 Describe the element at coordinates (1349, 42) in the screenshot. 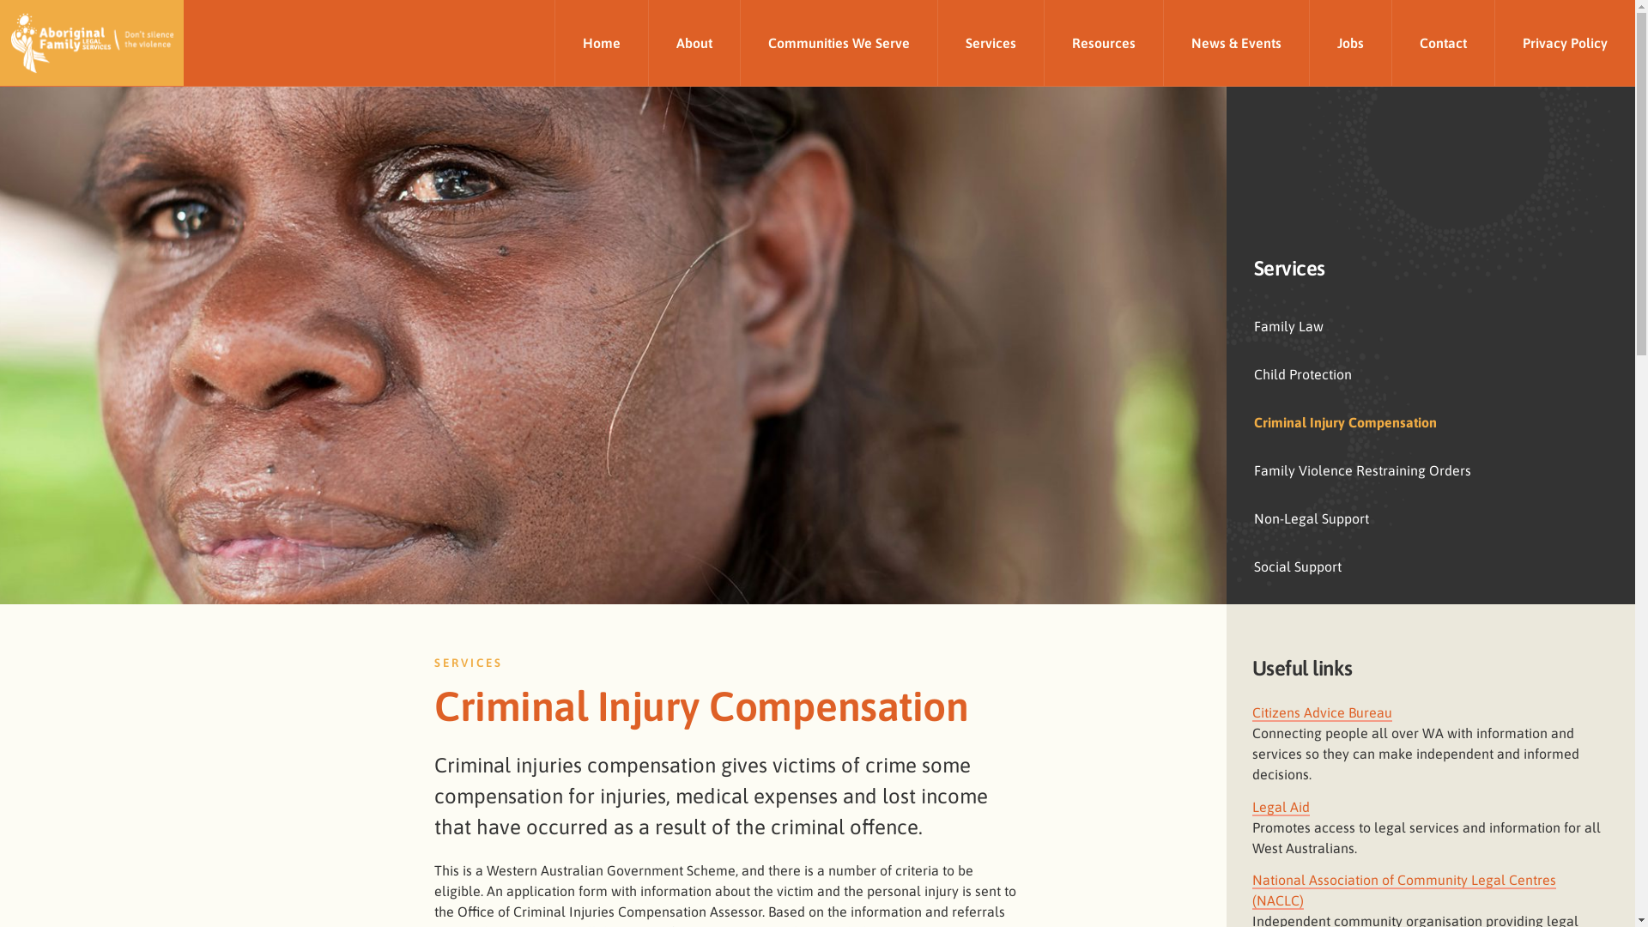

I see `'Jobs'` at that location.